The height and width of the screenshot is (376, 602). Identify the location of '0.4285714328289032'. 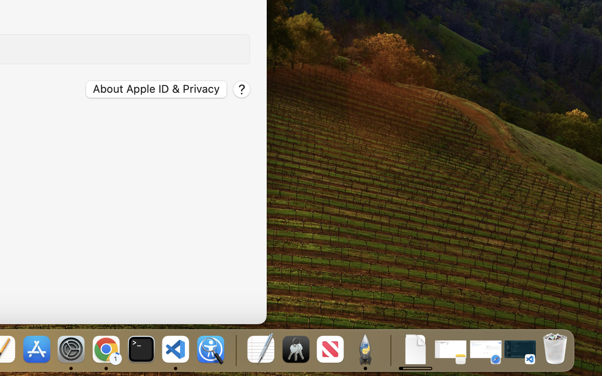
(235, 350).